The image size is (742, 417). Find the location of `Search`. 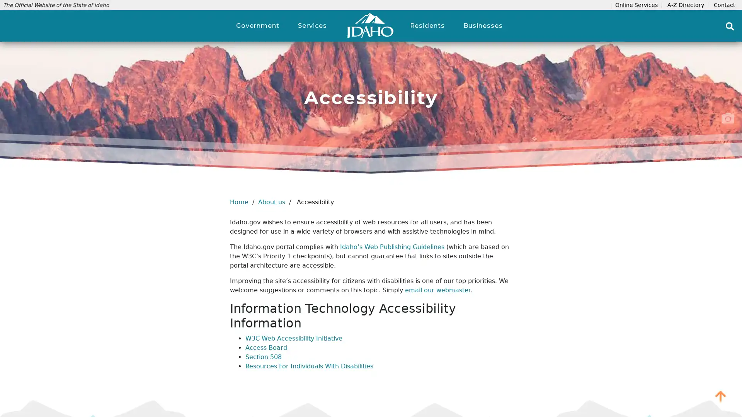

Search is located at coordinates (730, 26).